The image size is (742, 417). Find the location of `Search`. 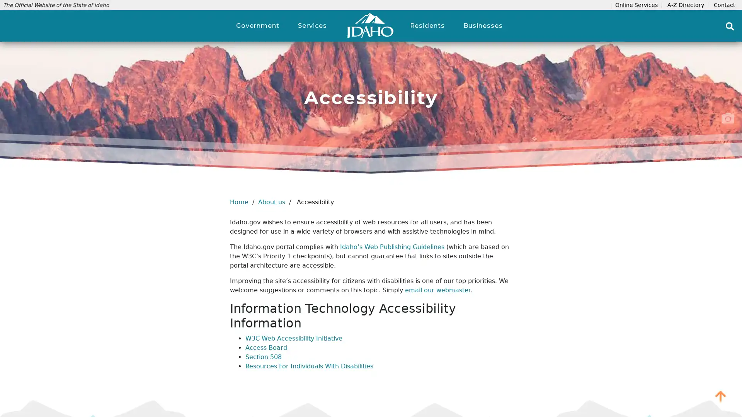

Search is located at coordinates (730, 26).